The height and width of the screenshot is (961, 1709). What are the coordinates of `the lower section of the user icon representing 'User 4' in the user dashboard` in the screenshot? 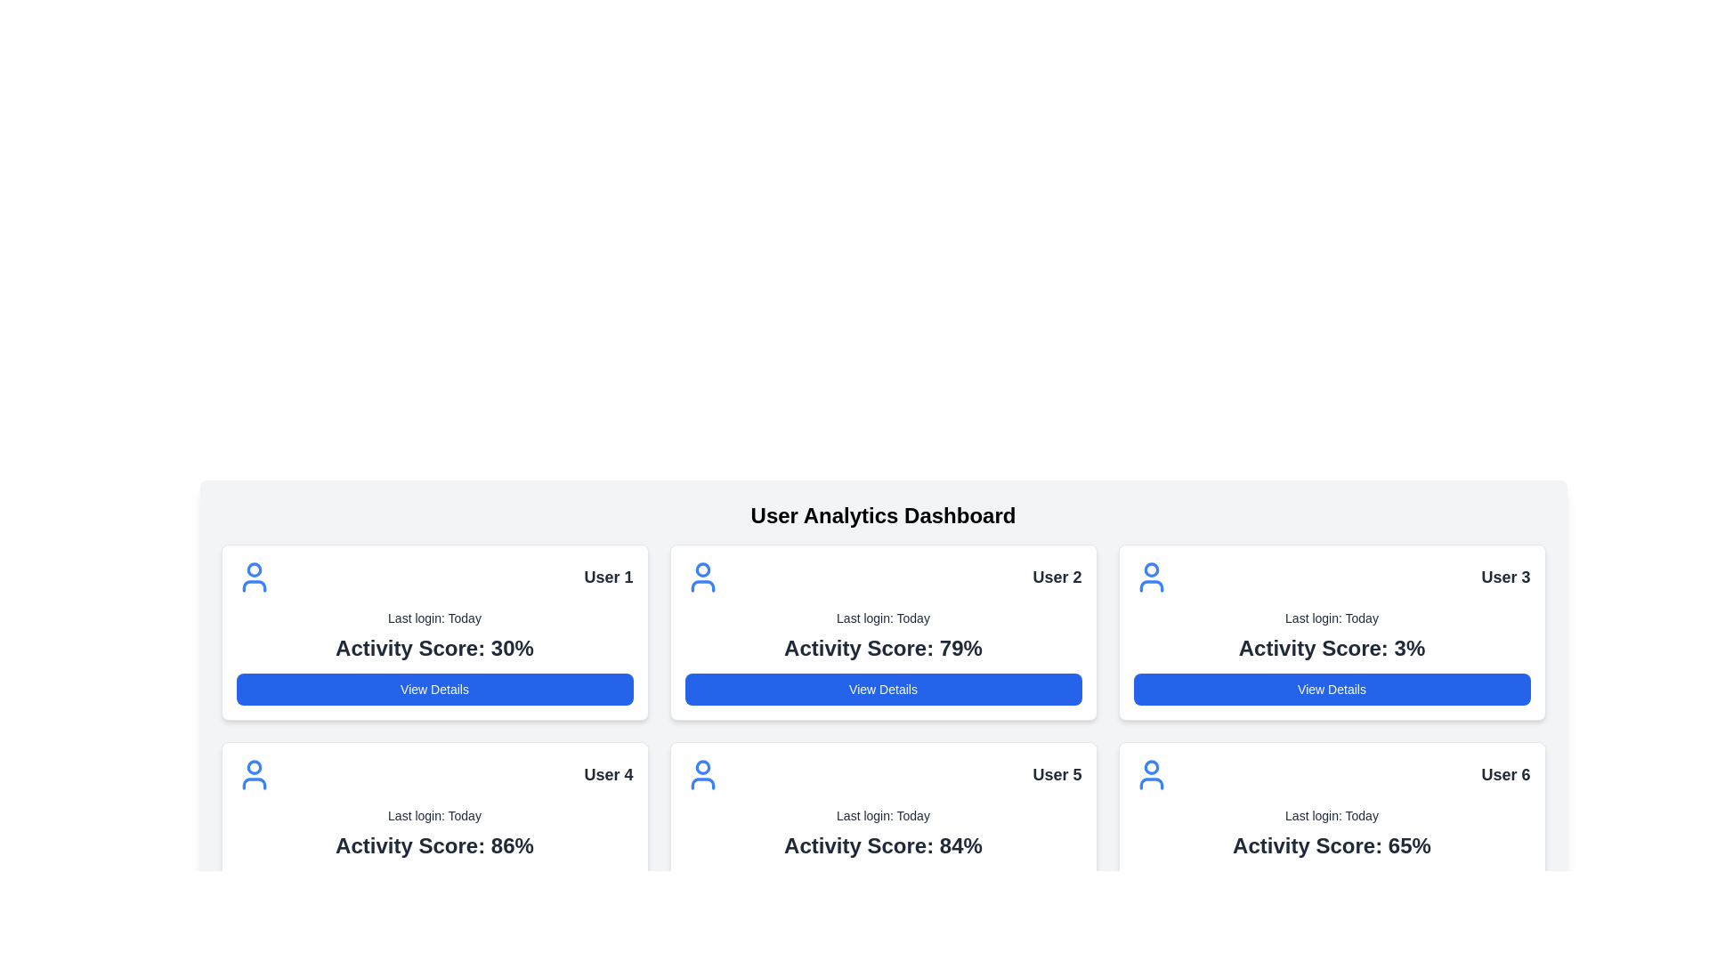 It's located at (253, 782).